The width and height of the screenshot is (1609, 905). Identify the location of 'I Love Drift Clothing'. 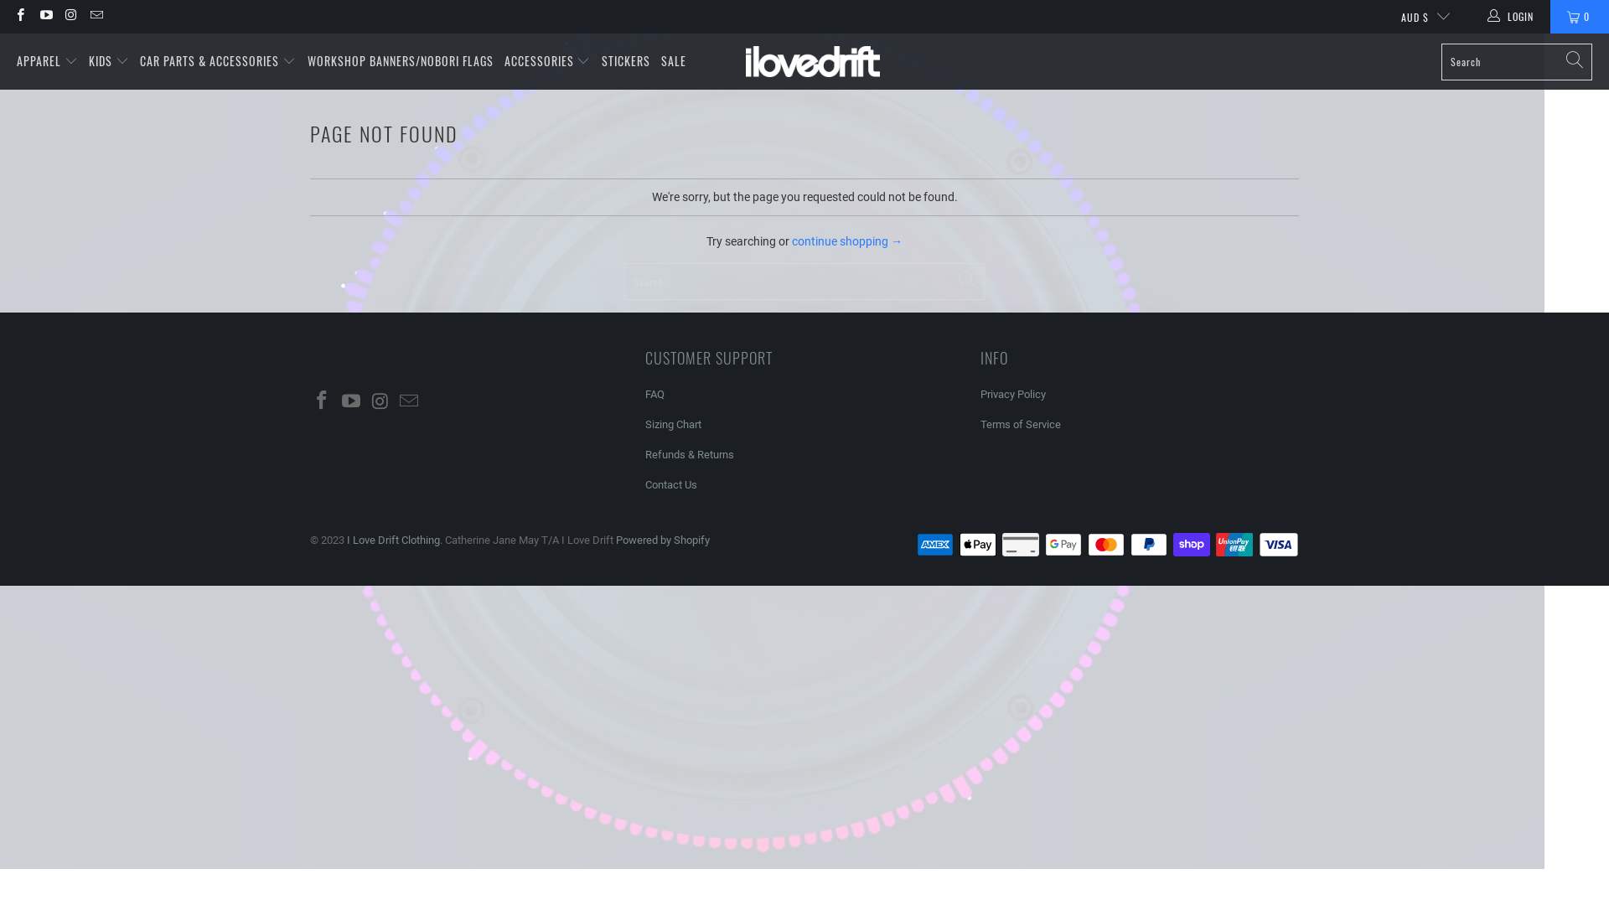
(744, 60).